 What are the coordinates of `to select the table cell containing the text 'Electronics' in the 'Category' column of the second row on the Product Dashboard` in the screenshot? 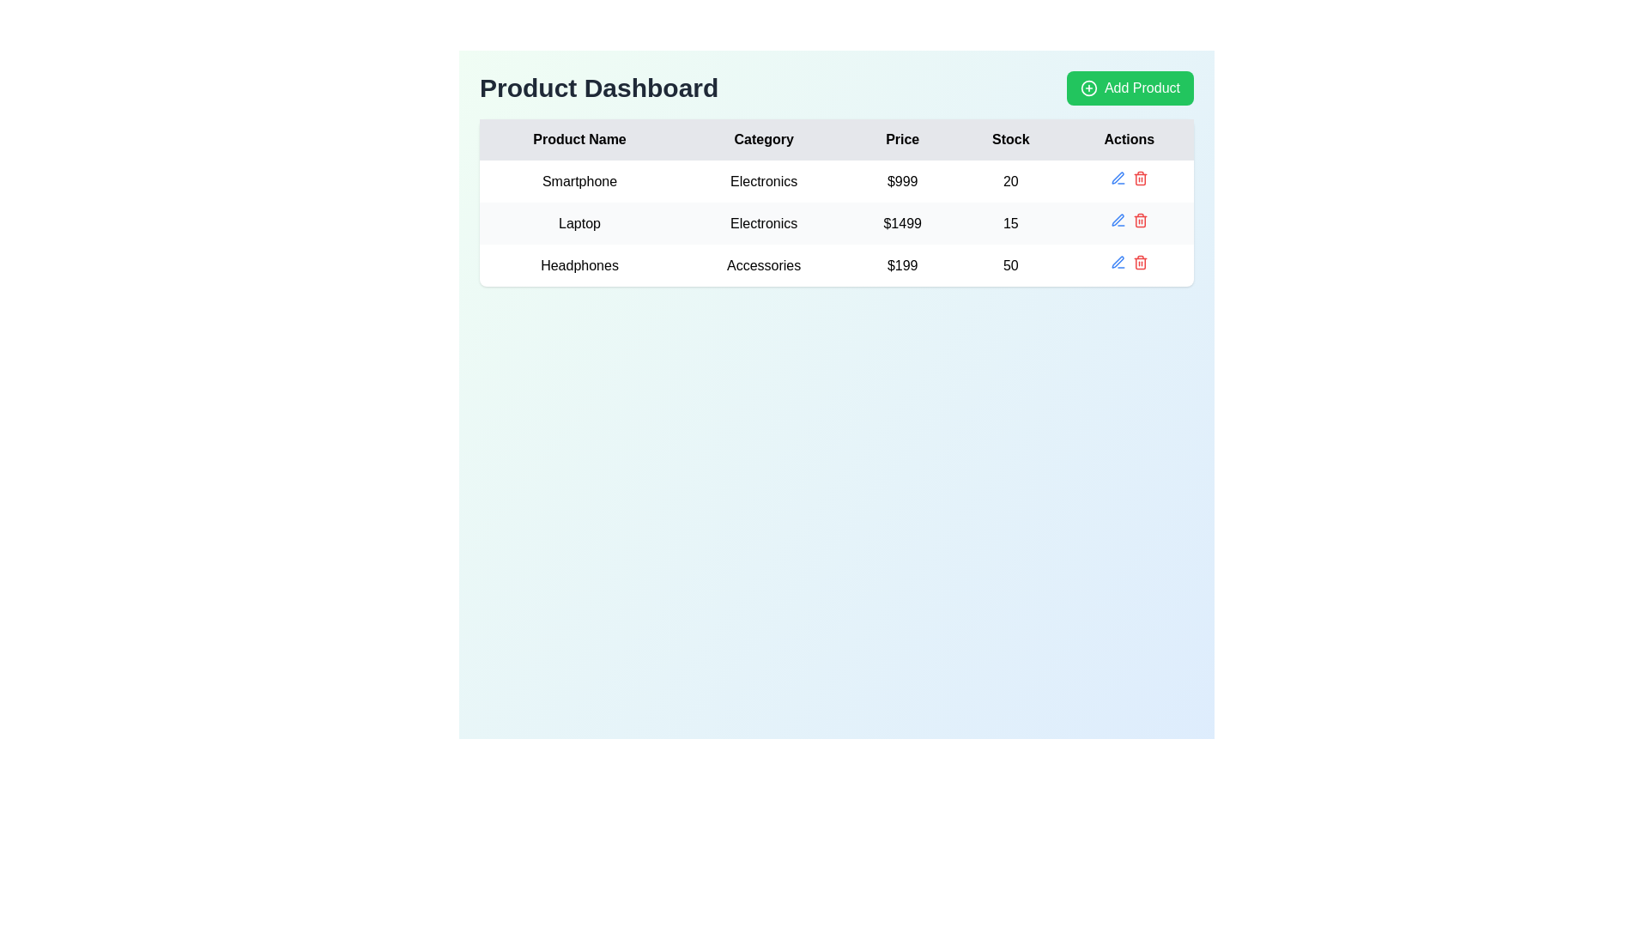 It's located at (762, 221).